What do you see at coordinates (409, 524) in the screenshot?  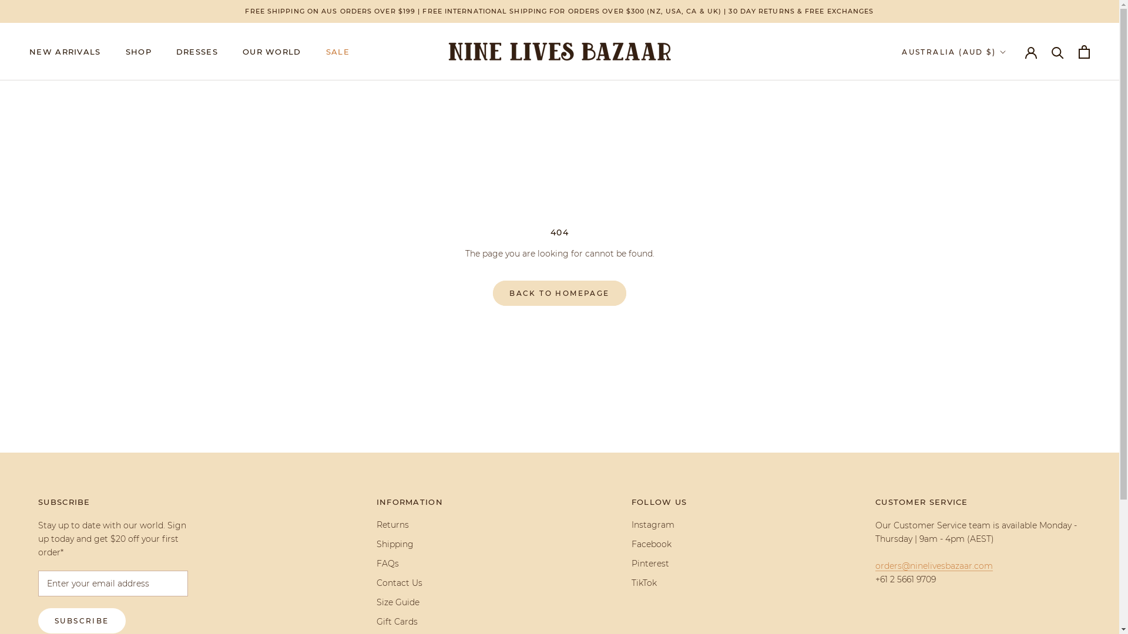 I see `'Returns'` at bounding box center [409, 524].